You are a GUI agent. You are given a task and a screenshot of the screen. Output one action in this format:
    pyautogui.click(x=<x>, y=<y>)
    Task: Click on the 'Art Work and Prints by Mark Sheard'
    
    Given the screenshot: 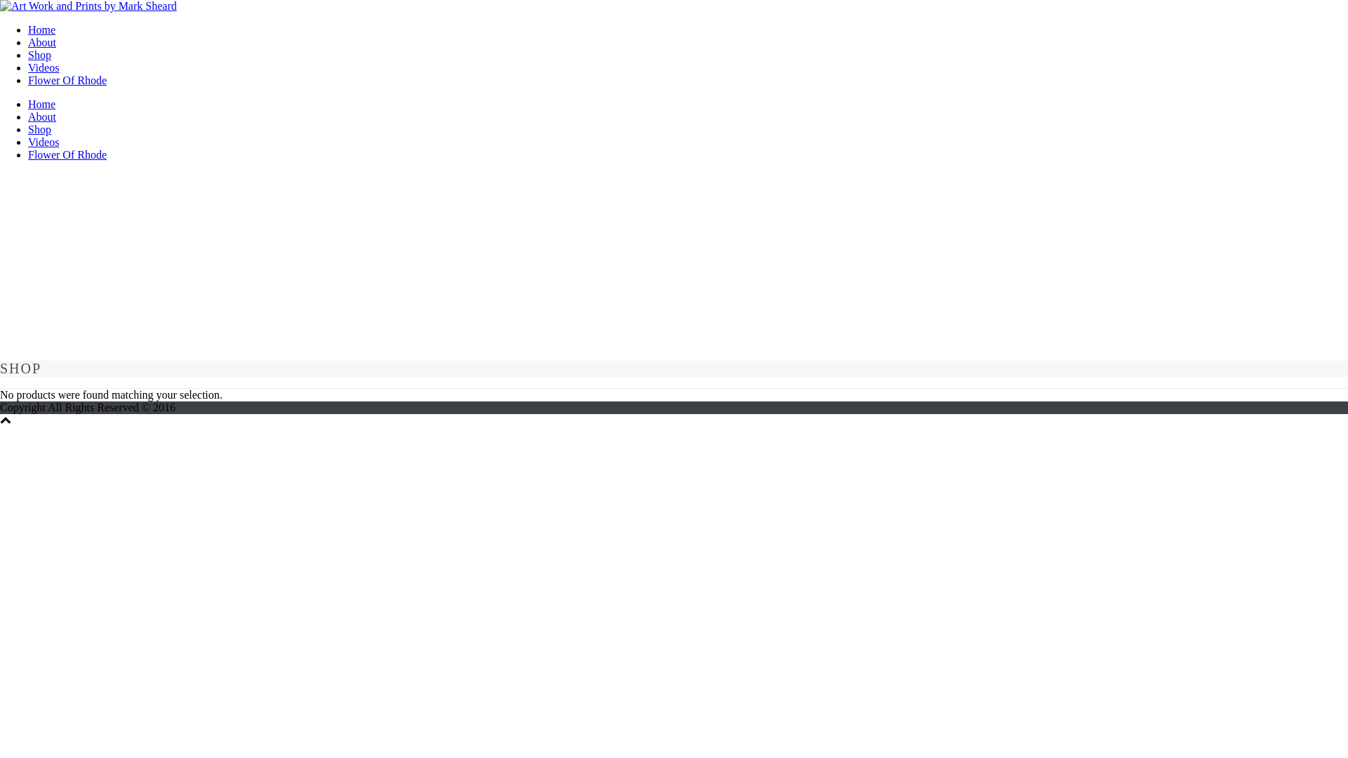 What is the action you would take?
    pyautogui.click(x=0, y=6)
    